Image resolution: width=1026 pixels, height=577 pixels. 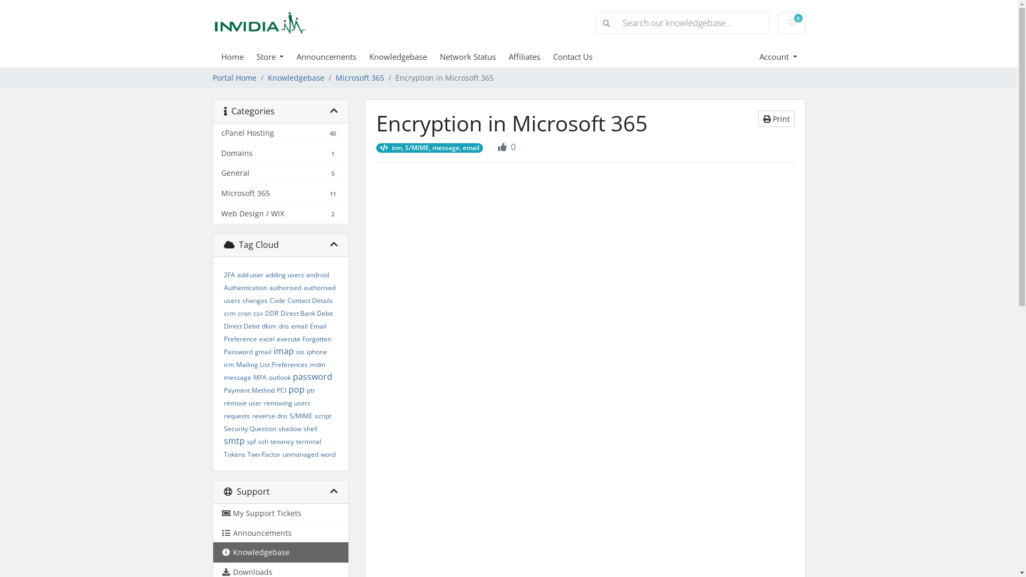 I want to click on 'pop', so click(x=297, y=389).